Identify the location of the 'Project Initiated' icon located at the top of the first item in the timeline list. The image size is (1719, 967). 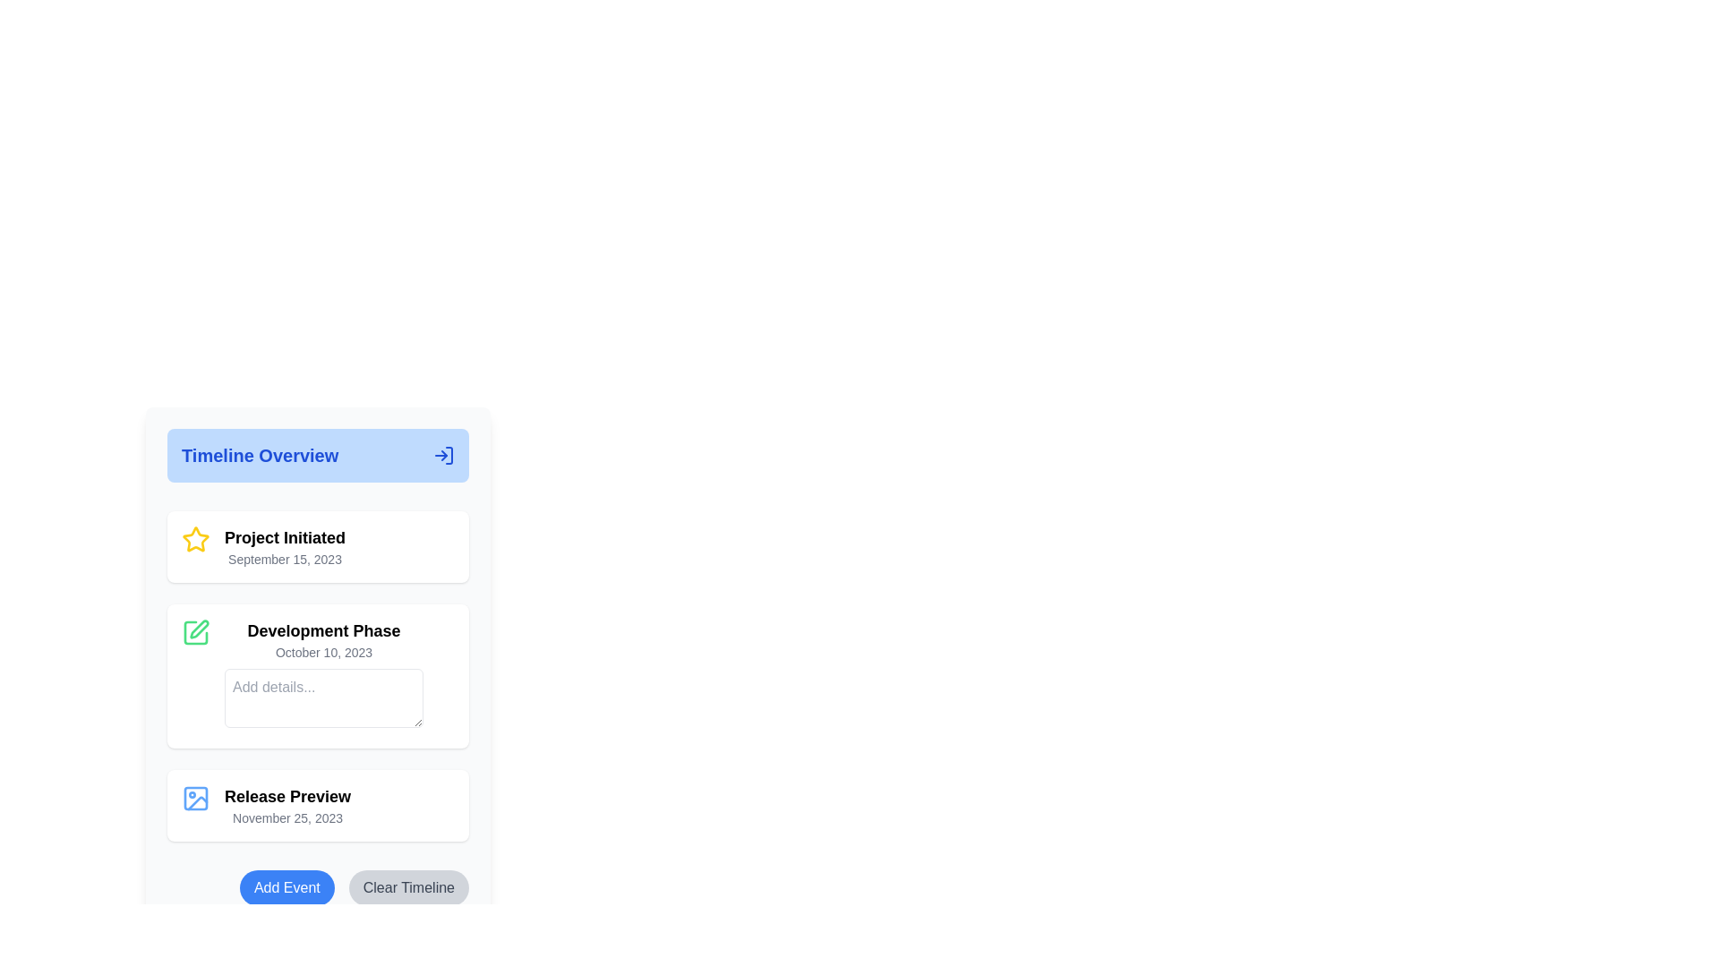
(196, 538).